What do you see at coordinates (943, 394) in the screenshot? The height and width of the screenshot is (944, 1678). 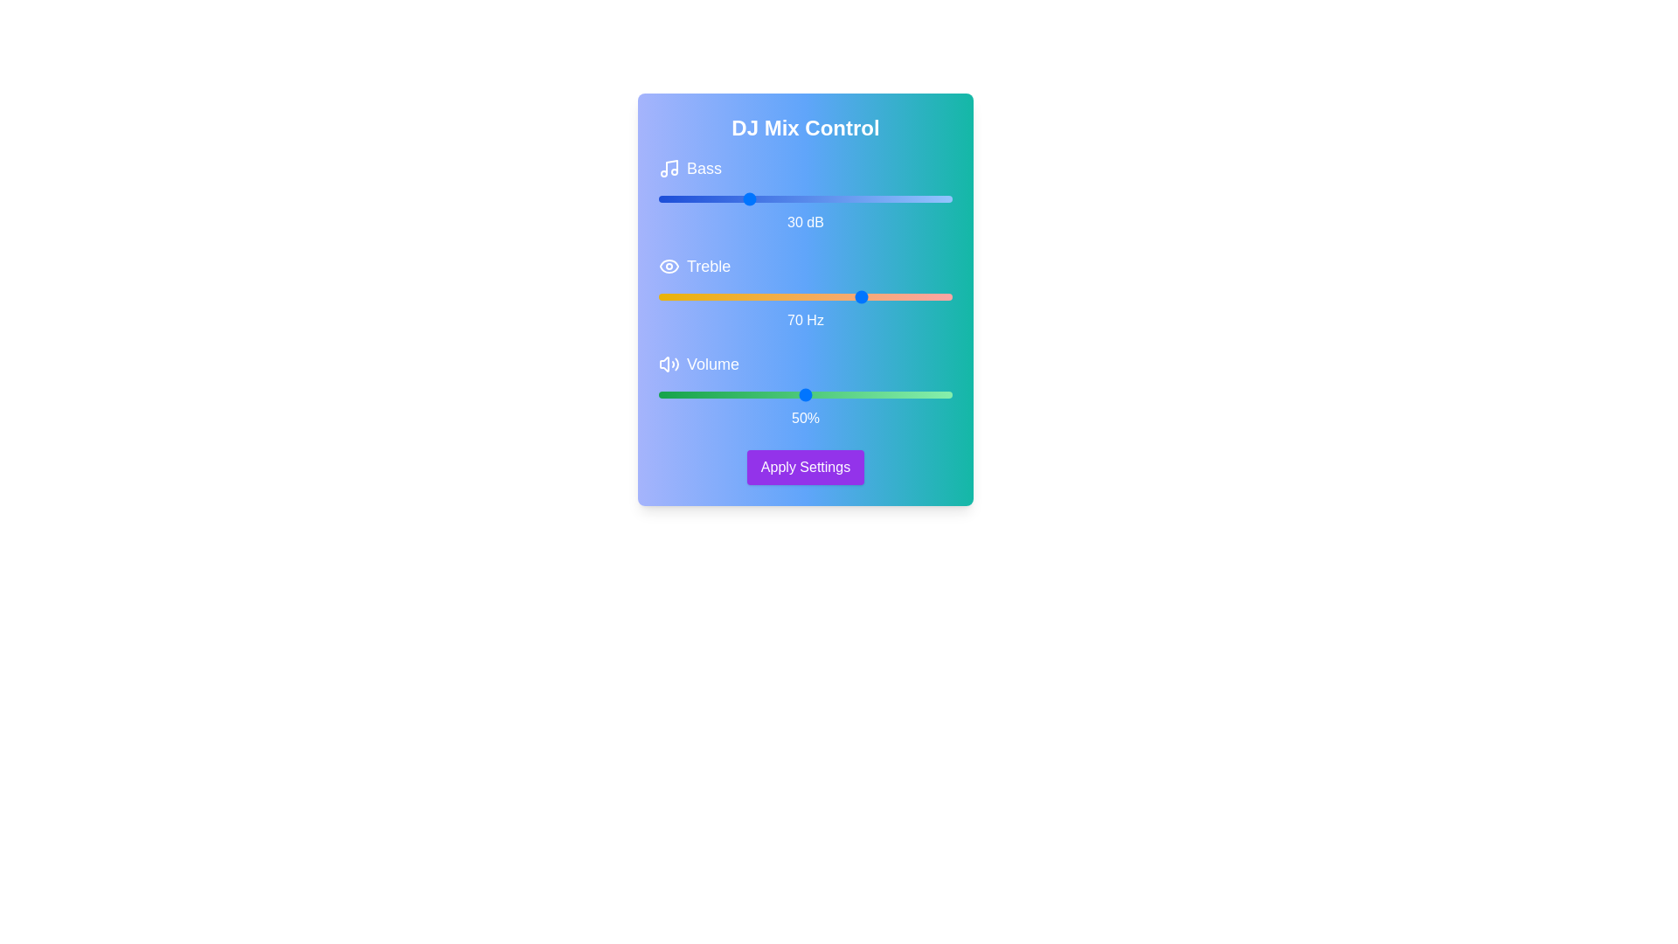 I see `the volume slider to set the volume to 97%` at bounding box center [943, 394].